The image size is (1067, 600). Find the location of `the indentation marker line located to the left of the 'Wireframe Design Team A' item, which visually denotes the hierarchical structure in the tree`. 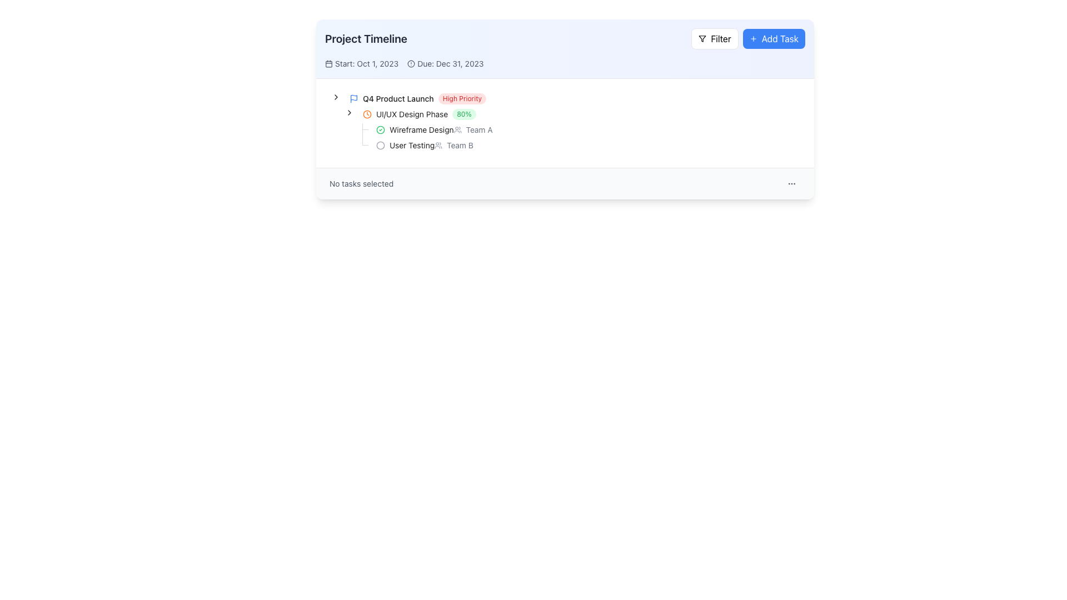

the indentation marker line located to the left of the 'Wireframe Design Team A' item, which visually denotes the hierarchical structure in the tree is located at coordinates (342, 129).